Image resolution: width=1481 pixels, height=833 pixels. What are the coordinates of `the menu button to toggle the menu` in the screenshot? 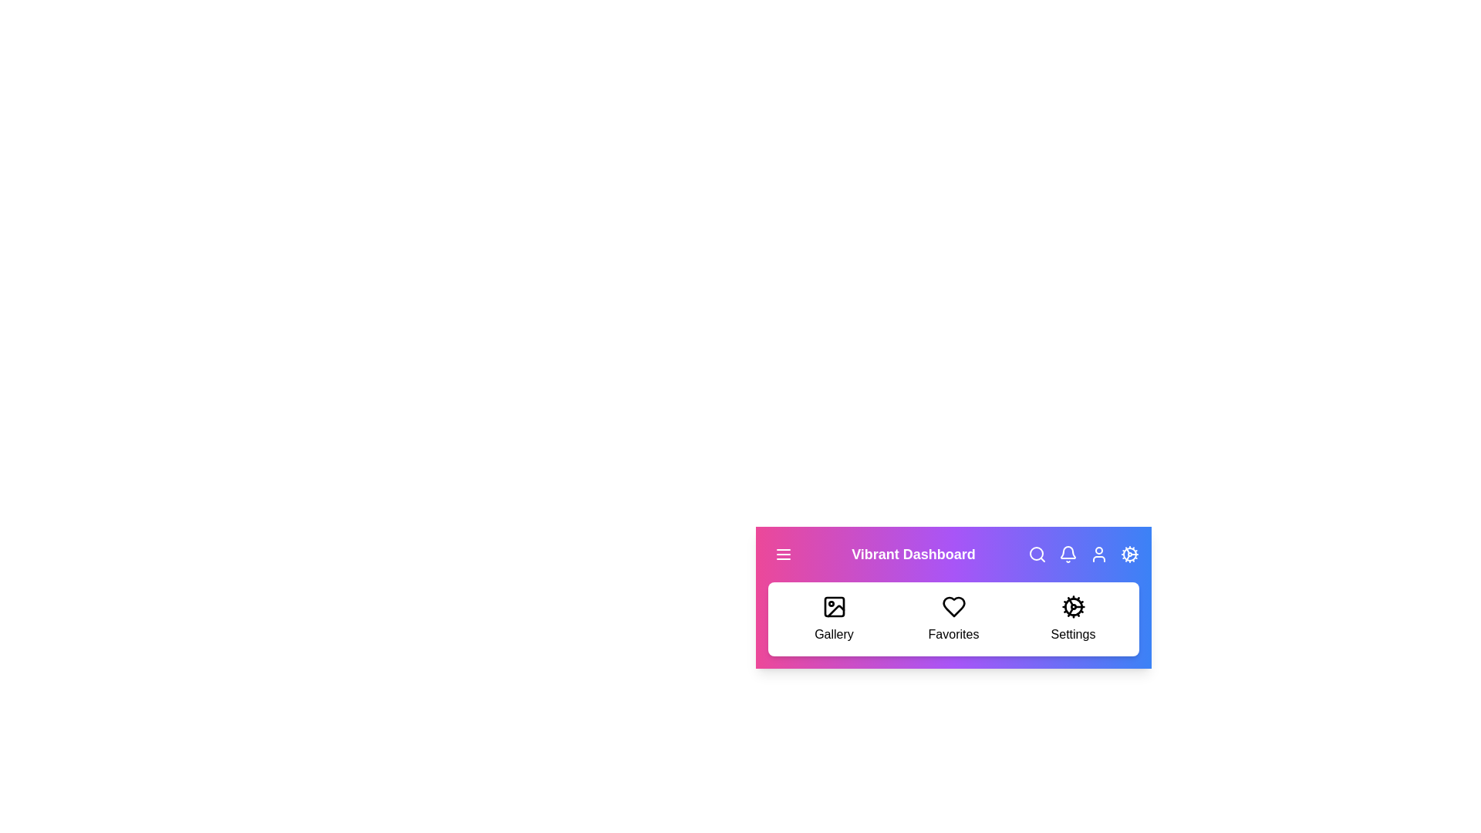 It's located at (784, 553).